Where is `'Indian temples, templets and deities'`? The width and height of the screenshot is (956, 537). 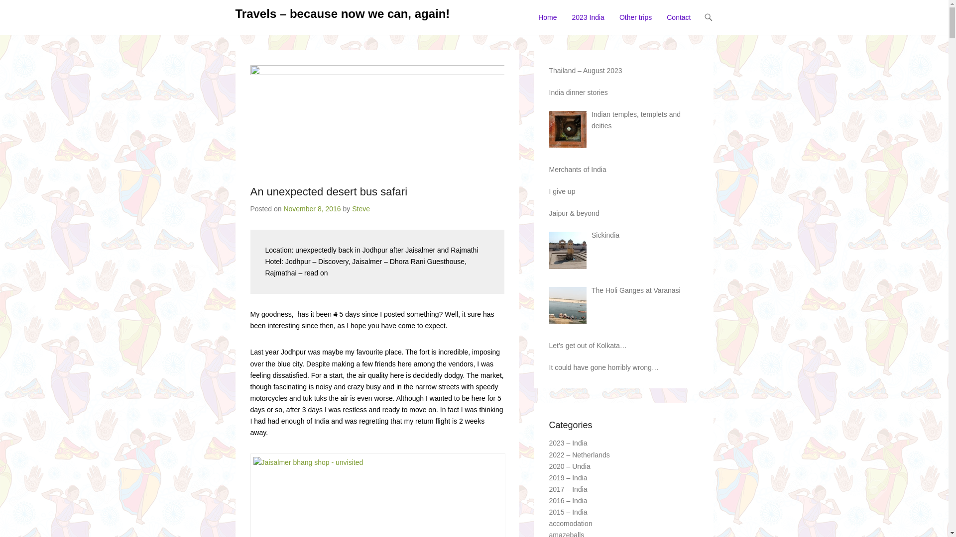 'Indian temples, templets and deities' is located at coordinates (592, 119).